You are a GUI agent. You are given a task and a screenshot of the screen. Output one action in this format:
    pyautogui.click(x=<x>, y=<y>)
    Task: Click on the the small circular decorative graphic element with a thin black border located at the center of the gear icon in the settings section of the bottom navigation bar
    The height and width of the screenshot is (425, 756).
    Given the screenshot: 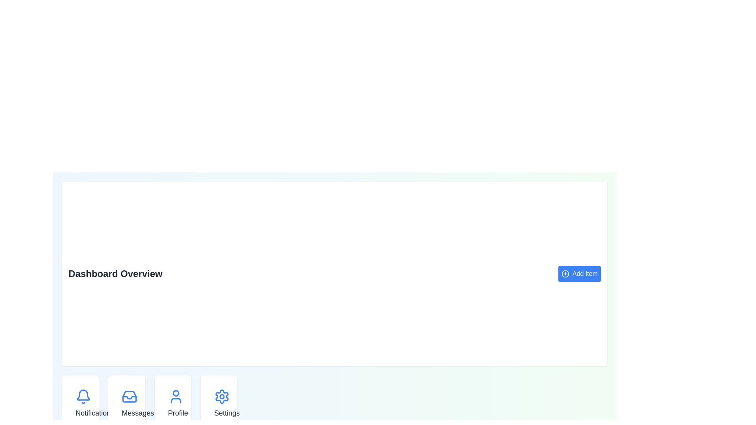 What is the action you would take?
    pyautogui.click(x=222, y=396)
    